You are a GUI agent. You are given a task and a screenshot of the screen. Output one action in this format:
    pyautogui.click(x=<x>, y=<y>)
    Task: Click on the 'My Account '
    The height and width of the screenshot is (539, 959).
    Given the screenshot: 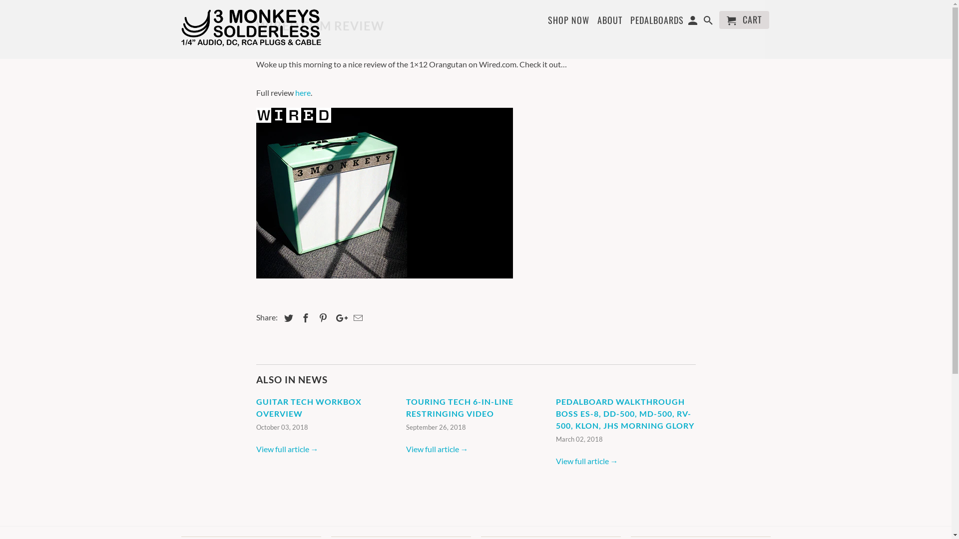 What is the action you would take?
    pyautogui.click(x=693, y=21)
    